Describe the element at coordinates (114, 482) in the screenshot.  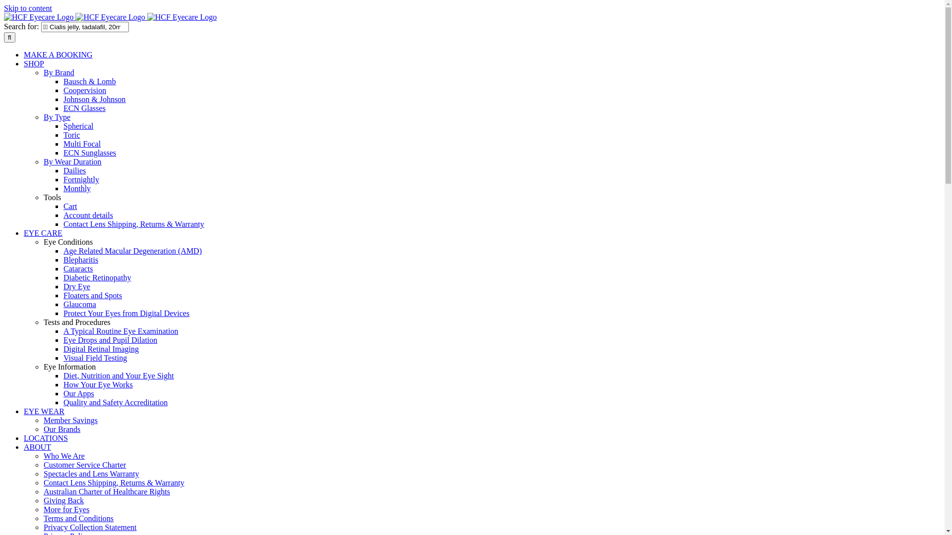
I see `'Contact Lens Shipping, Returns & Warranty'` at that location.